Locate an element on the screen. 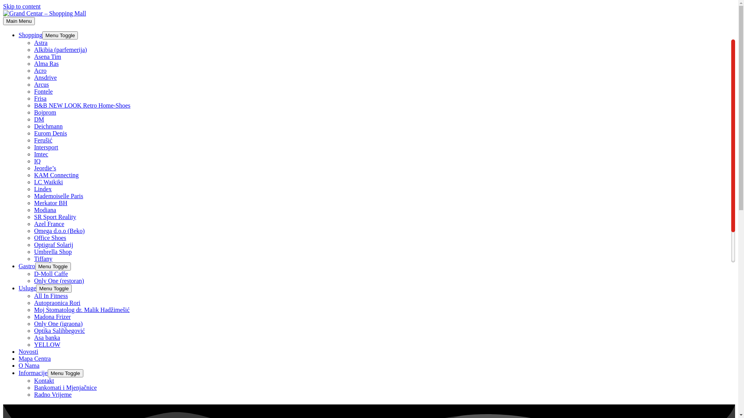 This screenshot has height=418, width=744. 'Madona Frizer' is located at coordinates (52, 317).